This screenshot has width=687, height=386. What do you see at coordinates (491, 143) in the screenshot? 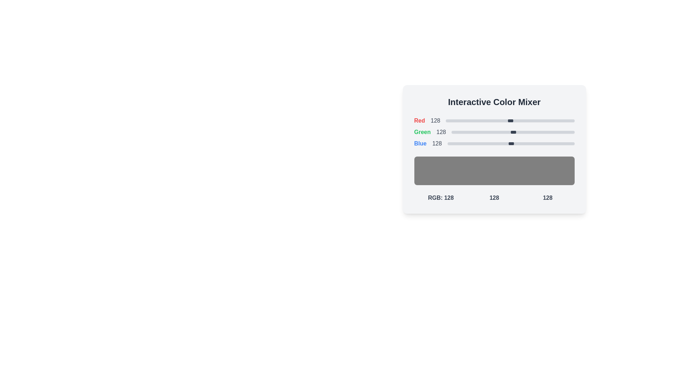
I see `the blue value` at bounding box center [491, 143].